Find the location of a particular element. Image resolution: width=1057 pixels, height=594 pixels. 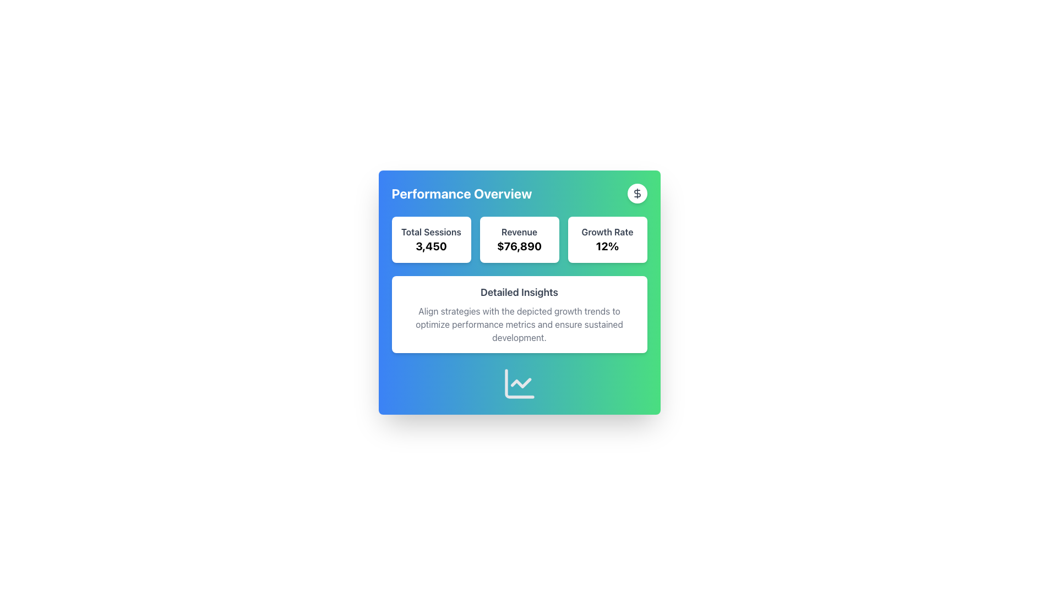

the small circular button with a white background and a gray dollar sign icon, located in the top-right corner of the 'Performance Overview' header is located at coordinates (637, 193).